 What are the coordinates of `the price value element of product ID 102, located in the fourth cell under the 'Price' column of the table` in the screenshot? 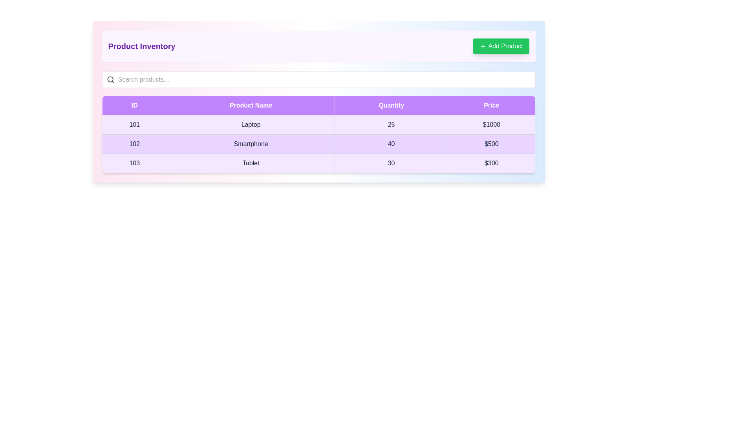 It's located at (491, 144).